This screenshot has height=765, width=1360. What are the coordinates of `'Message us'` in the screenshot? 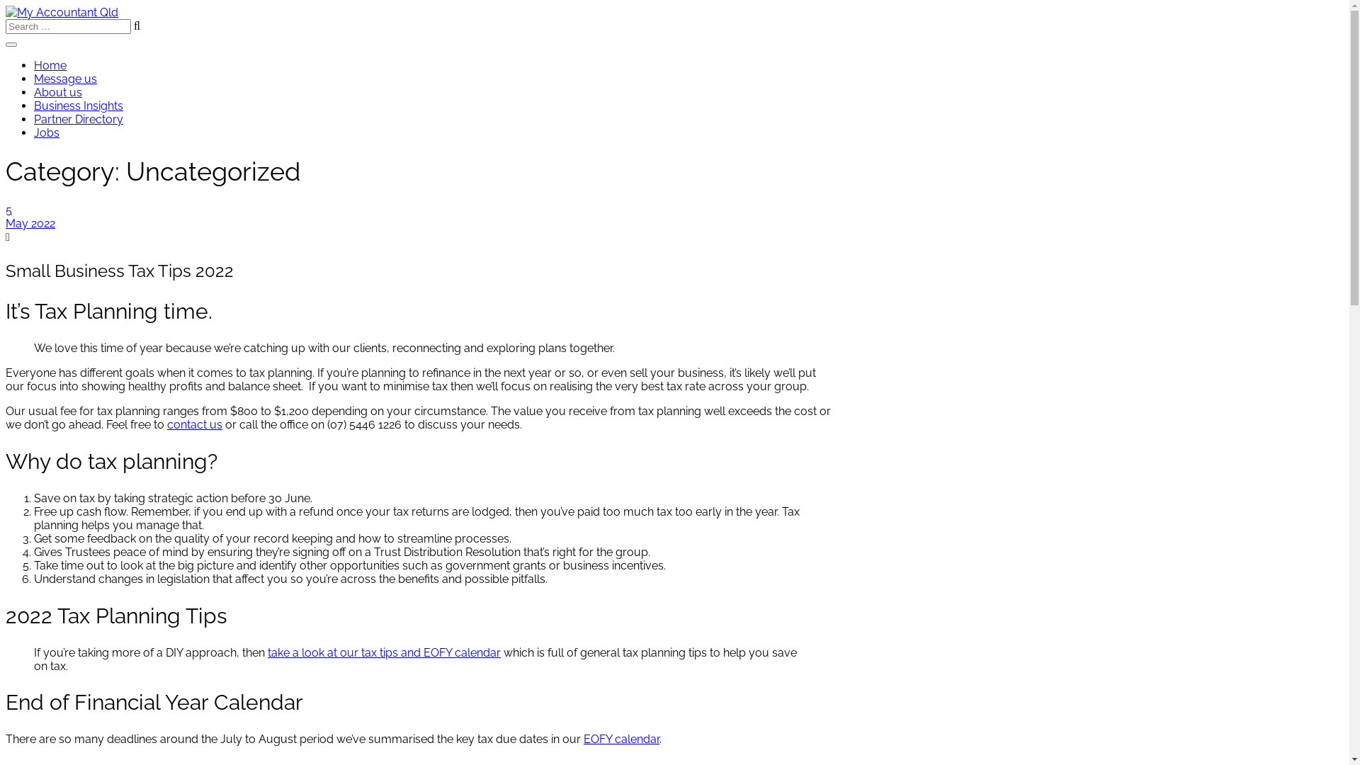 It's located at (64, 79).